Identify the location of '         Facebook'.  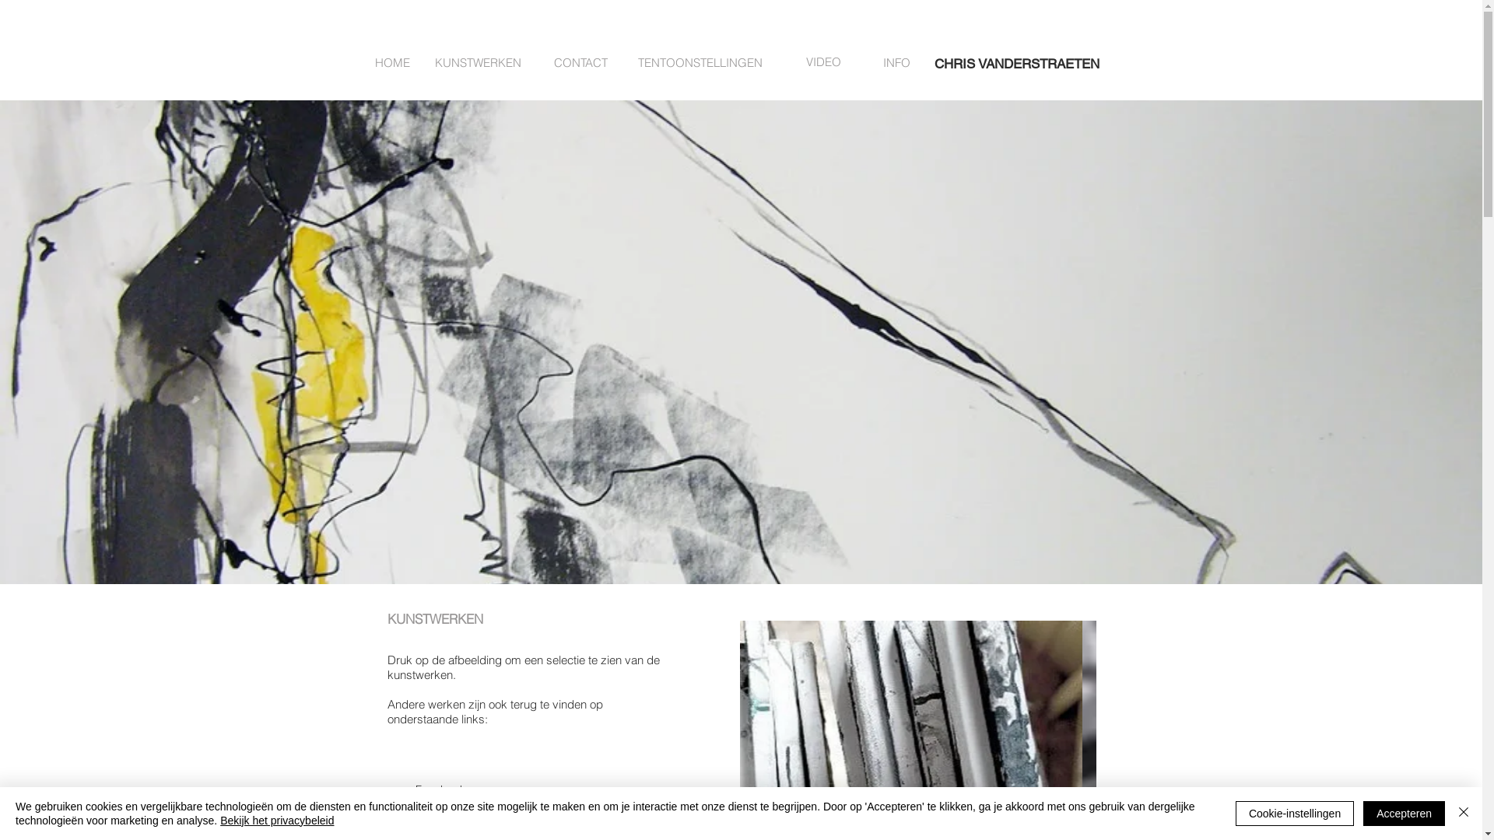
(426, 789).